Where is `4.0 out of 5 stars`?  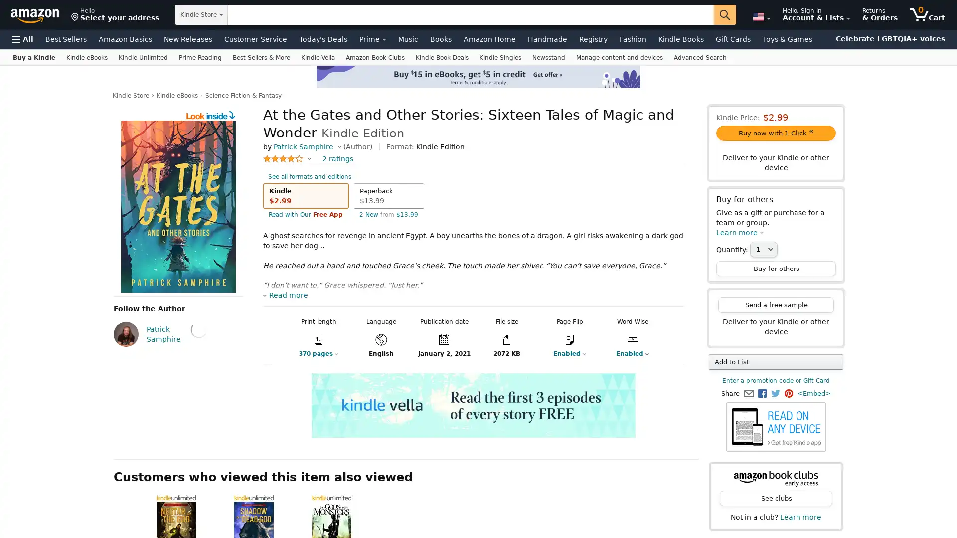 4.0 out of 5 stars is located at coordinates (287, 158).